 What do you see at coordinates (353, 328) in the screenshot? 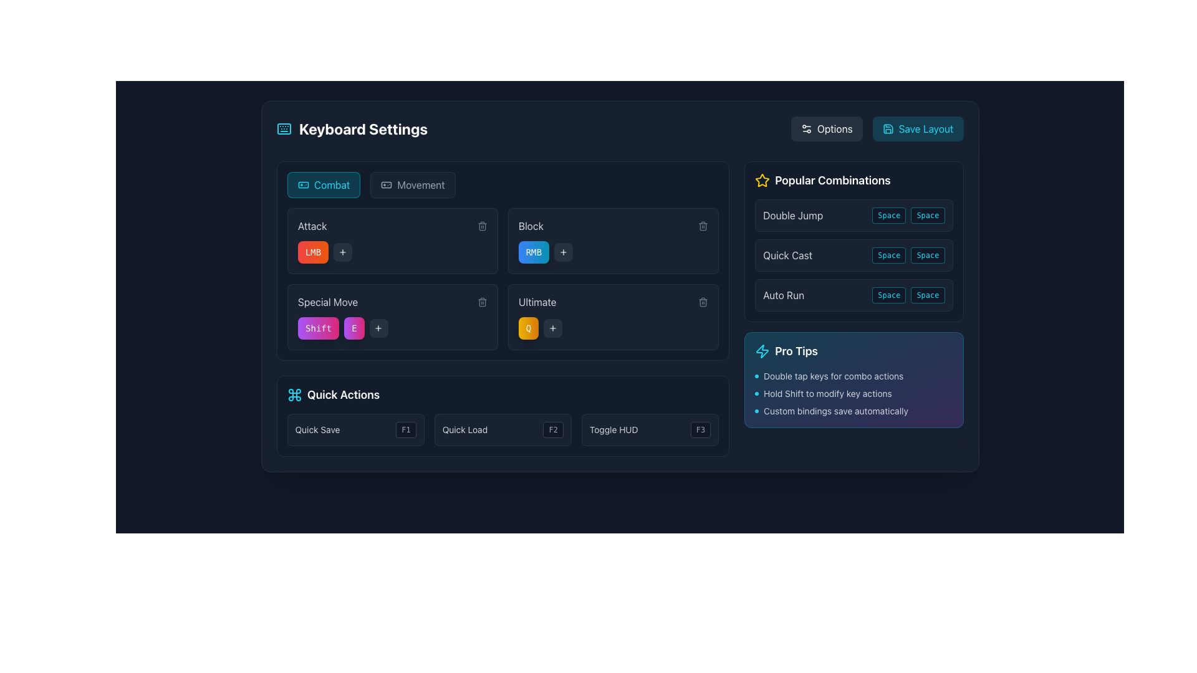
I see `the stylized, non-interactive button located in the second row of the 'Keyboard Settings' section under the 'Special Move' label, positioned next to the 'Shift' button and before a gray circular button with a '+' icon` at bounding box center [353, 328].